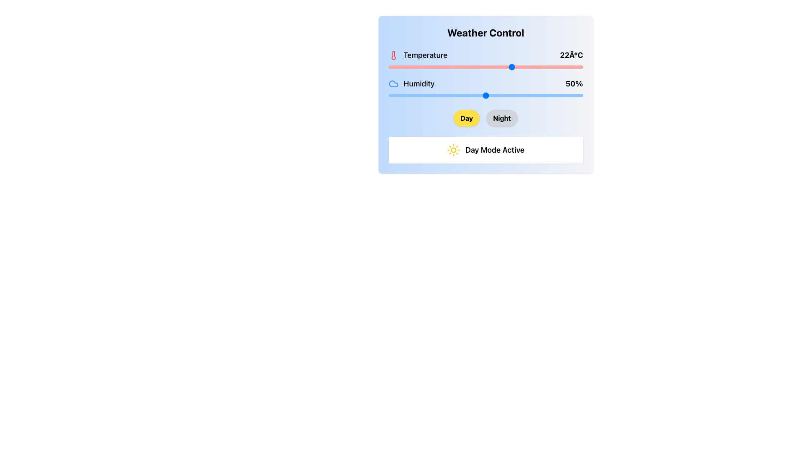 The height and width of the screenshot is (453, 805). Describe the element at coordinates (421, 95) in the screenshot. I see `the humidity slider` at that location.